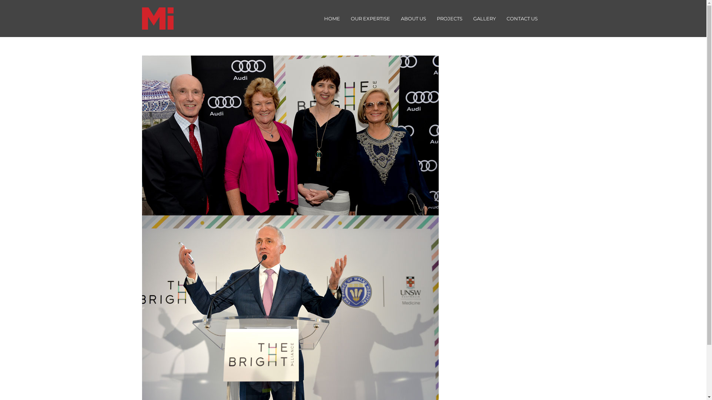  Describe the element at coordinates (484, 18) in the screenshot. I see `'GALLERY'` at that location.